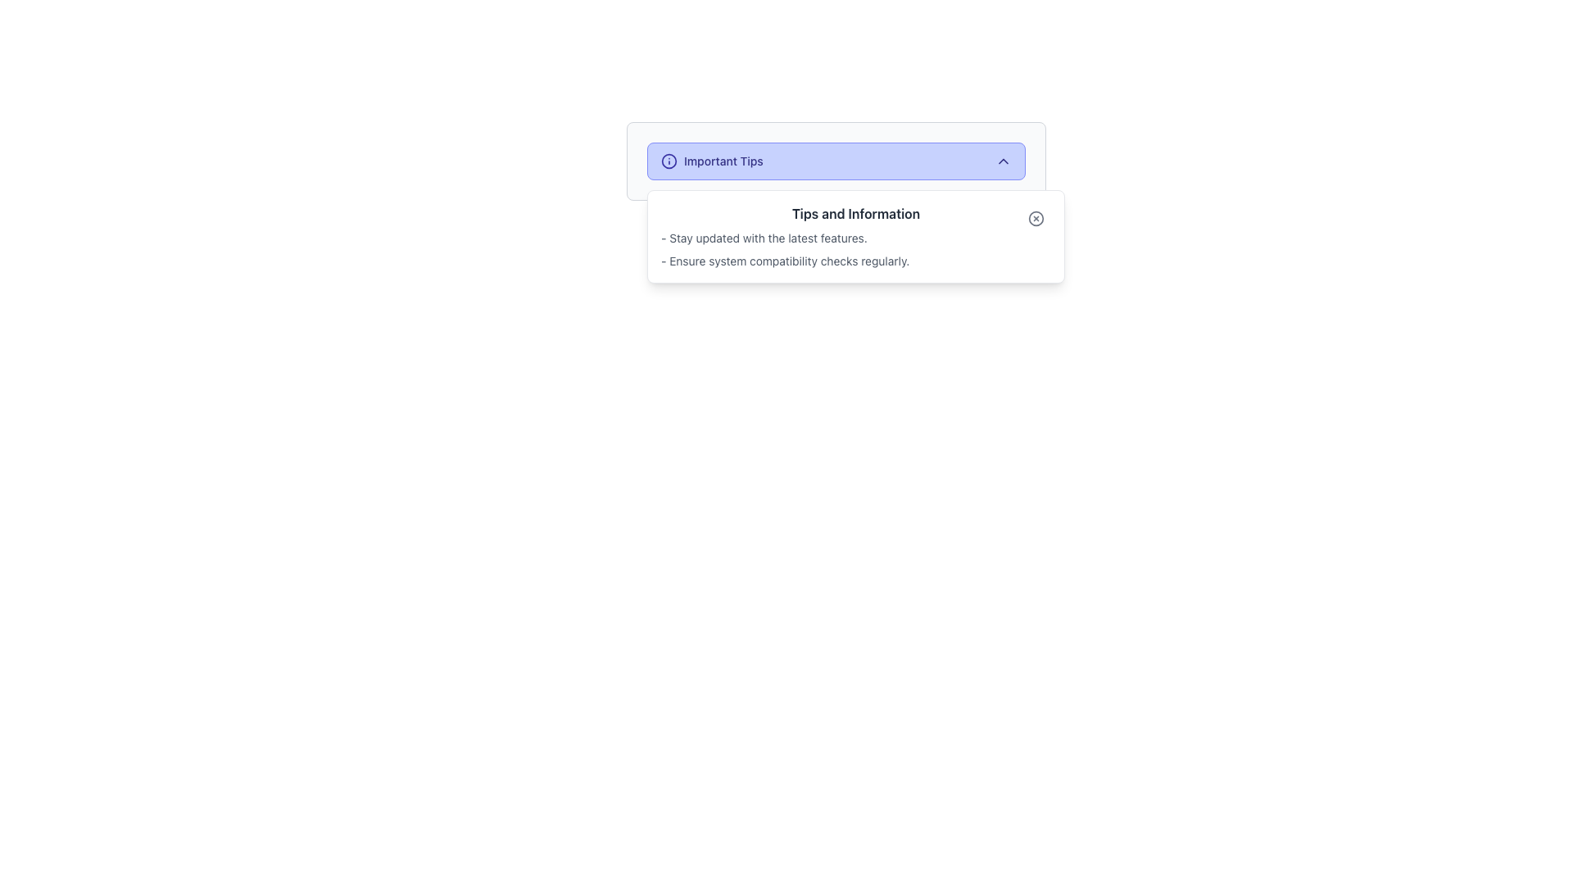 This screenshot has height=885, width=1573. What do you see at coordinates (784, 261) in the screenshot?
I see `text entry displaying the message '- Ensure system compatibility checks regularly.' located within the 'Tips and Information' card, positioned below another list item in a bulleted list` at bounding box center [784, 261].